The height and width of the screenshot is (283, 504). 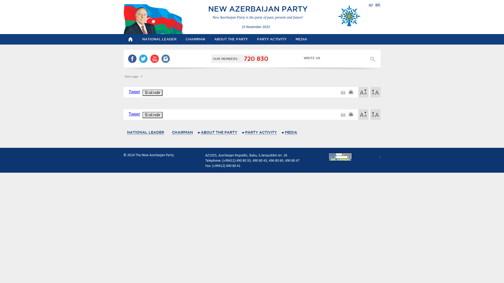 I want to click on 'http://yap.az/en/view/pages/12', so click(x=343, y=115).